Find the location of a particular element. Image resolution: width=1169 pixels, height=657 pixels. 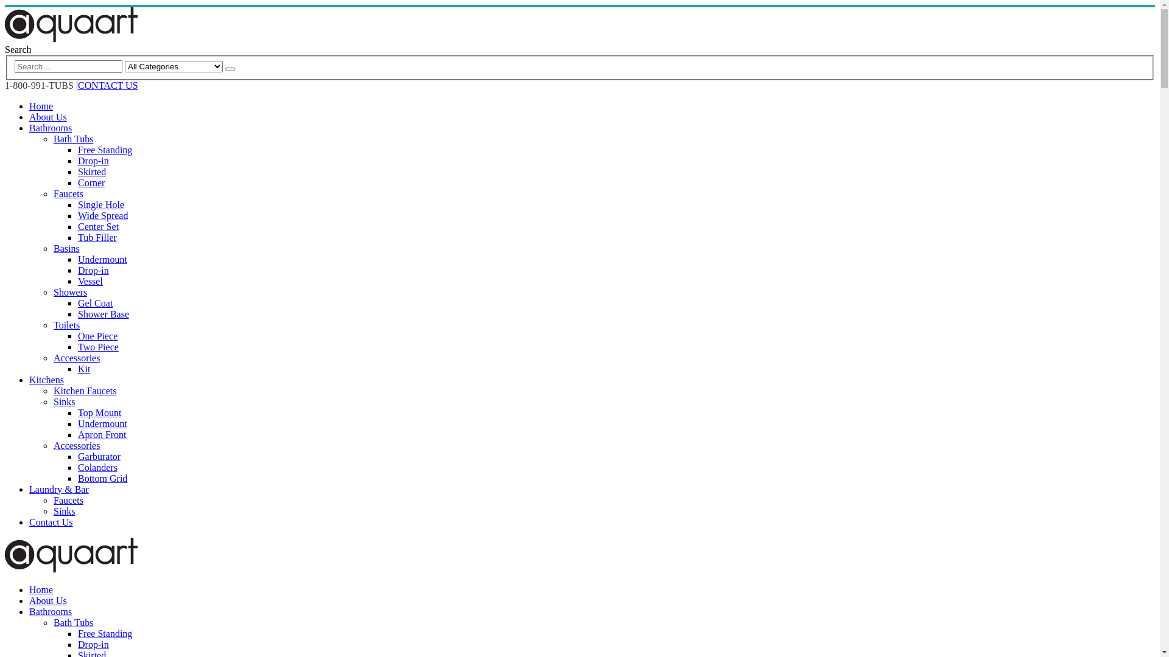

'Bathrooms' is located at coordinates (49, 128).